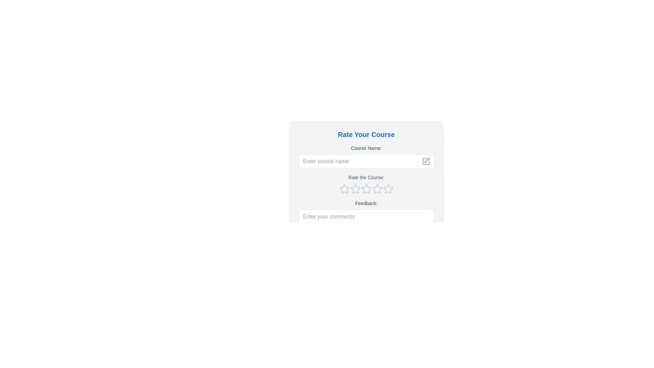 This screenshot has height=368, width=654. Describe the element at coordinates (355, 189) in the screenshot. I see `the first star-shaped rating icon, which is light gray and has a hollow center` at that location.